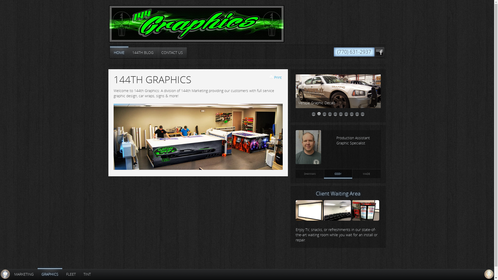 The height and width of the screenshot is (280, 498). Describe the element at coordinates (337, 219) in the screenshot. I see `'Seating'` at that location.